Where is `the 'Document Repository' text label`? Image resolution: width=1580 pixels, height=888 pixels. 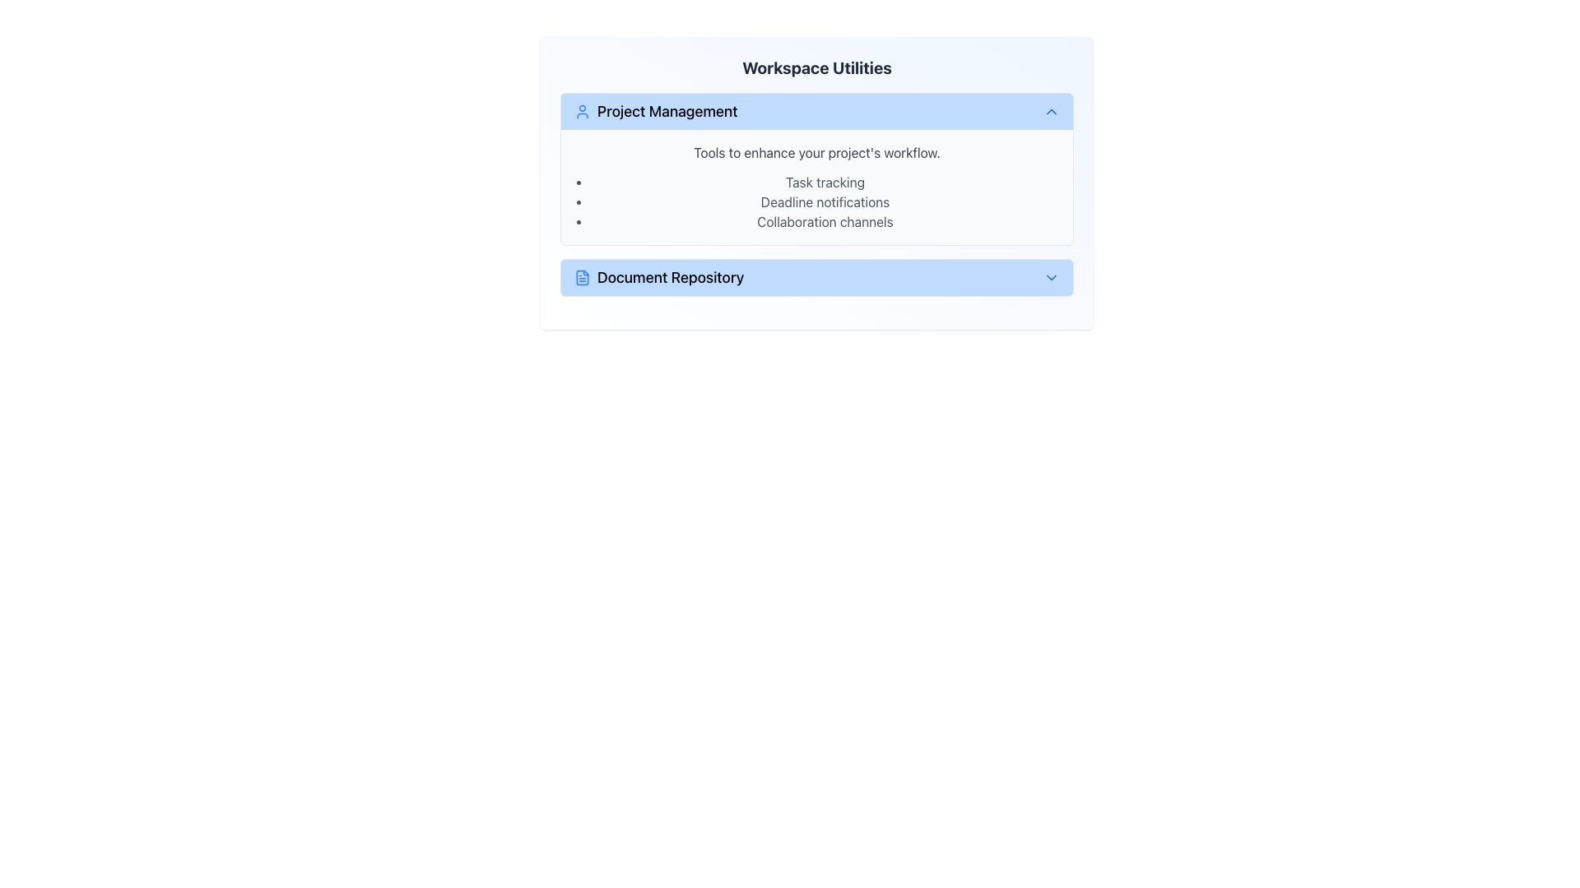 the 'Document Repository' text label is located at coordinates (671, 277).